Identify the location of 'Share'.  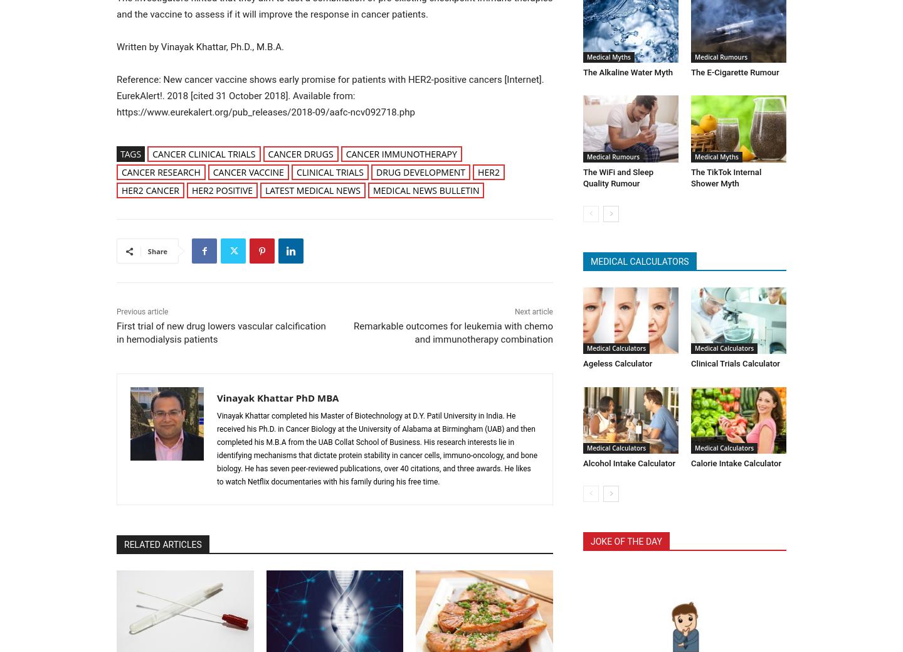
(156, 250).